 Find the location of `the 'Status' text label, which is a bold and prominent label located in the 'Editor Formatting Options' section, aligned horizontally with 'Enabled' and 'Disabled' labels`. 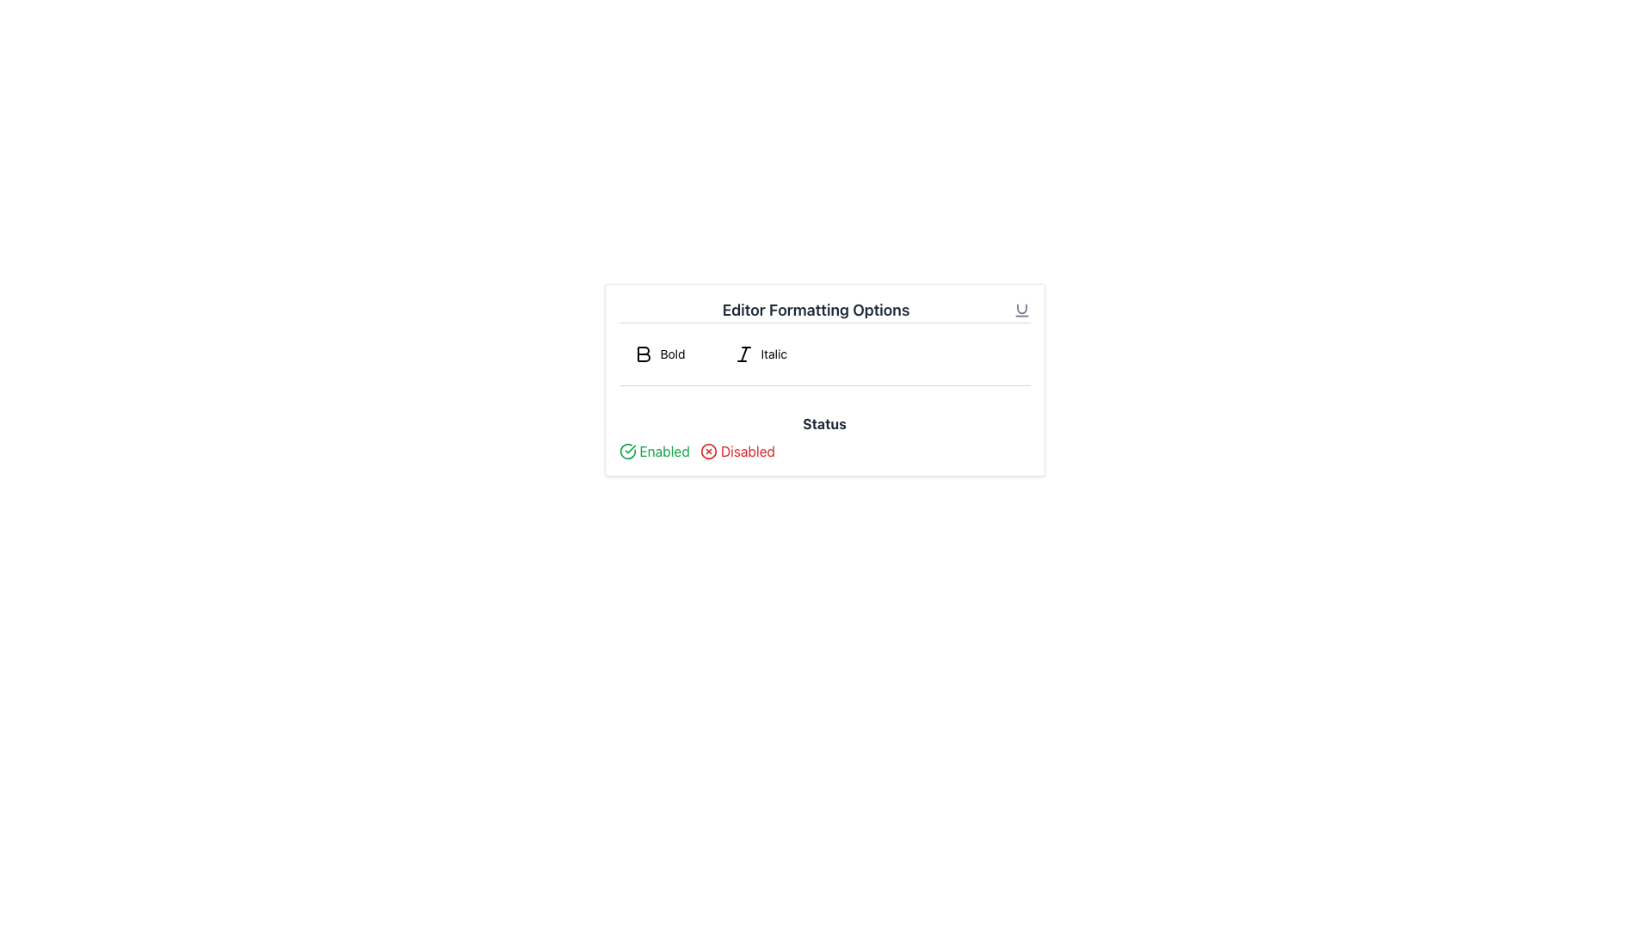

the 'Status' text label, which is a bold and prominent label located in the 'Editor Formatting Options' section, aligned horizontally with 'Enabled' and 'Disabled' labels is located at coordinates (823, 424).